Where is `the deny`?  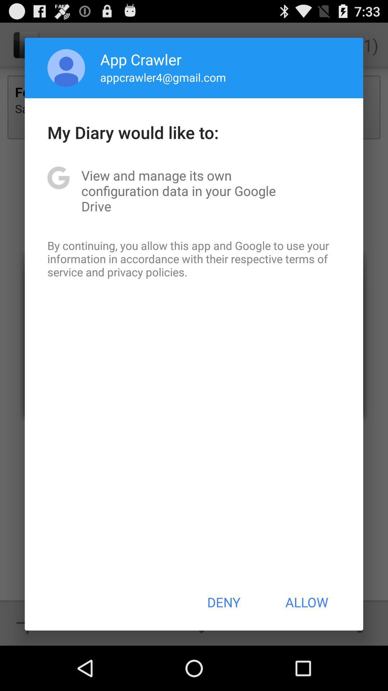 the deny is located at coordinates (223, 602).